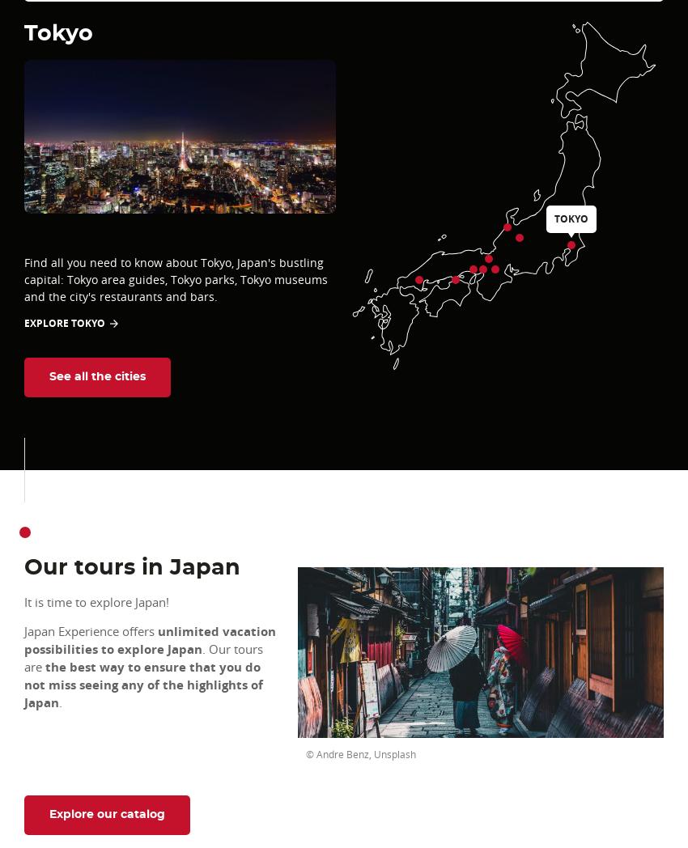 The height and width of the screenshot is (848, 688). I want to click on 'Find all you need to know about Tokyo, Japan's bustling capital: Tokyo area guides, Tokyo parks, Tokyo museums and the city's restaurants and bars.', so click(23, 279).